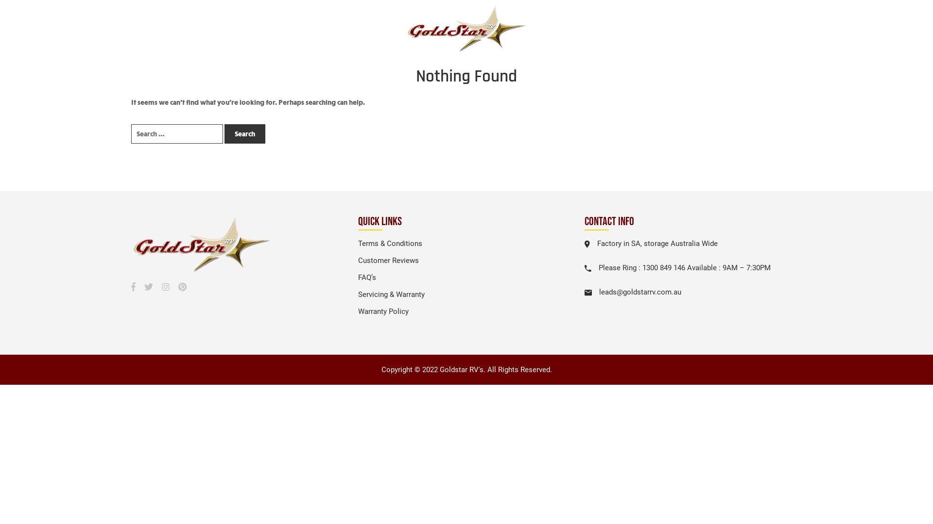 Image resolution: width=933 pixels, height=524 pixels. What do you see at coordinates (358, 294) in the screenshot?
I see `'Servicing & Warranty'` at bounding box center [358, 294].